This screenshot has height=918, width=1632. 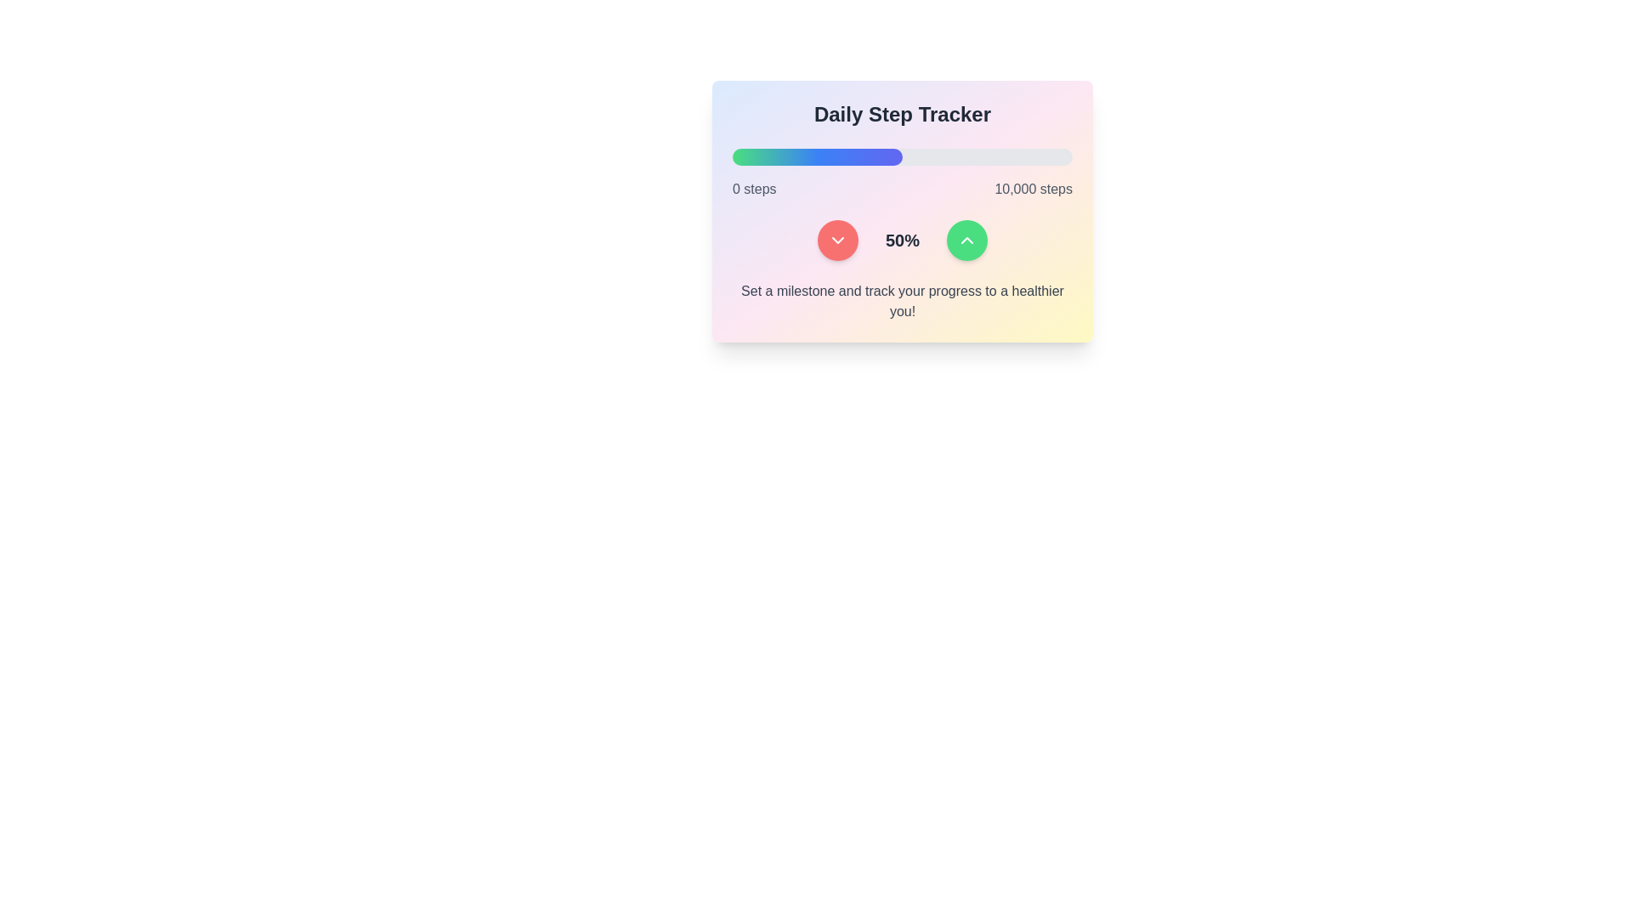 I want to click on the central text display that shows the current percentage value, located beneath the progress bar and flanked by a red button with a downward arrow and a green button with an upward arrow, so click(x=901, y=240).